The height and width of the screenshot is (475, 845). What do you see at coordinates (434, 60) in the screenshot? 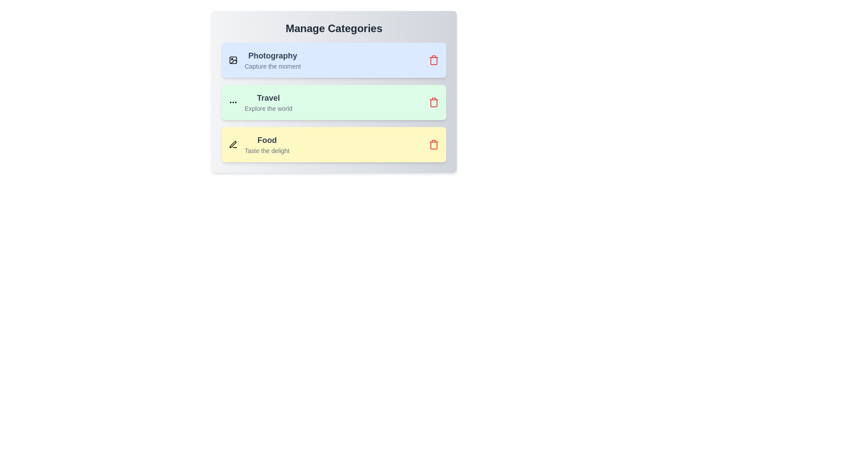
I see `trash icon to remove the category Photography` at bounding box center [434, 60].